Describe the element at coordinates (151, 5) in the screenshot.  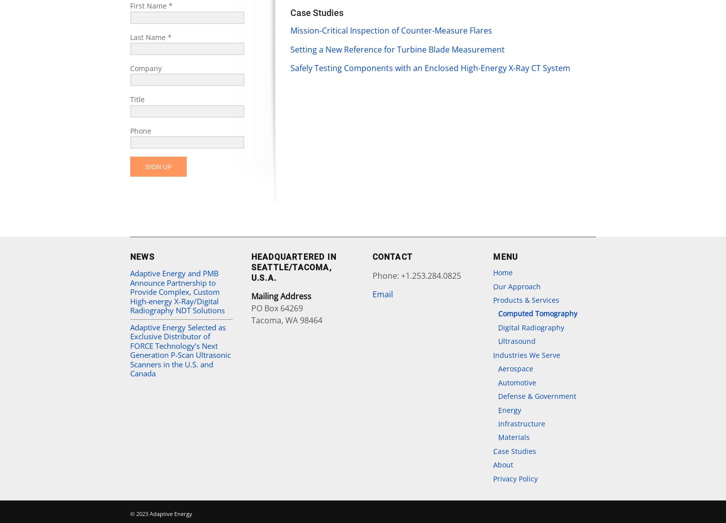
I see `'First Name *'` at that location.